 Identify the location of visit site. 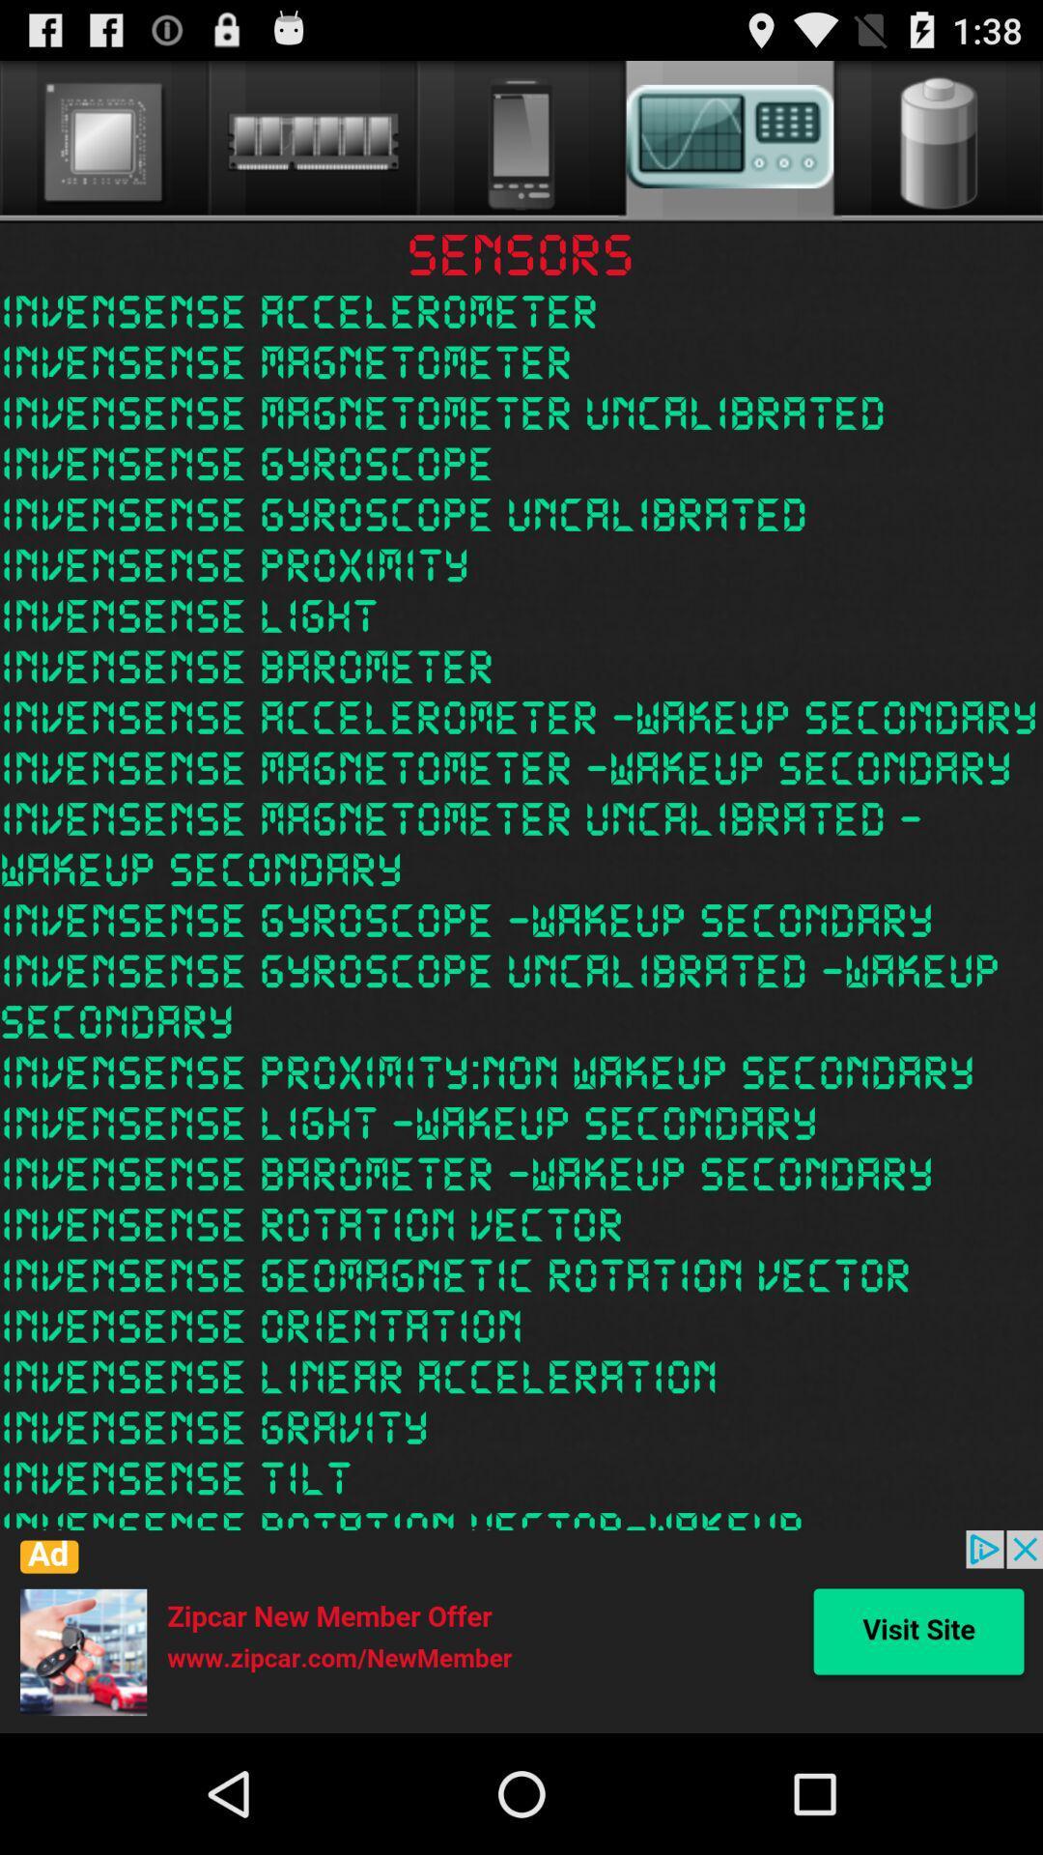
(521, 1631).